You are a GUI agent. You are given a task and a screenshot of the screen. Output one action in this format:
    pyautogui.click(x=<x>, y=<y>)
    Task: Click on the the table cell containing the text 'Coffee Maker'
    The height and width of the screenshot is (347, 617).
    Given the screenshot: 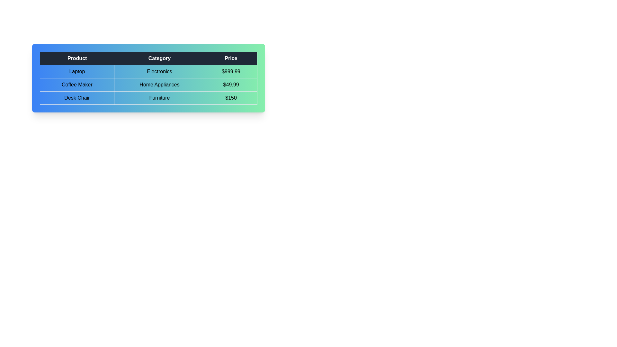 What is the action you would take?
    pyautogui.click(x=77, y=84)
    